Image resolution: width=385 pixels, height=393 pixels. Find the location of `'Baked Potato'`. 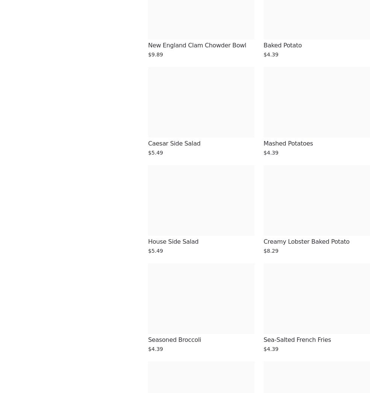

'Baked Potato' is located at coordinates (282, 45).